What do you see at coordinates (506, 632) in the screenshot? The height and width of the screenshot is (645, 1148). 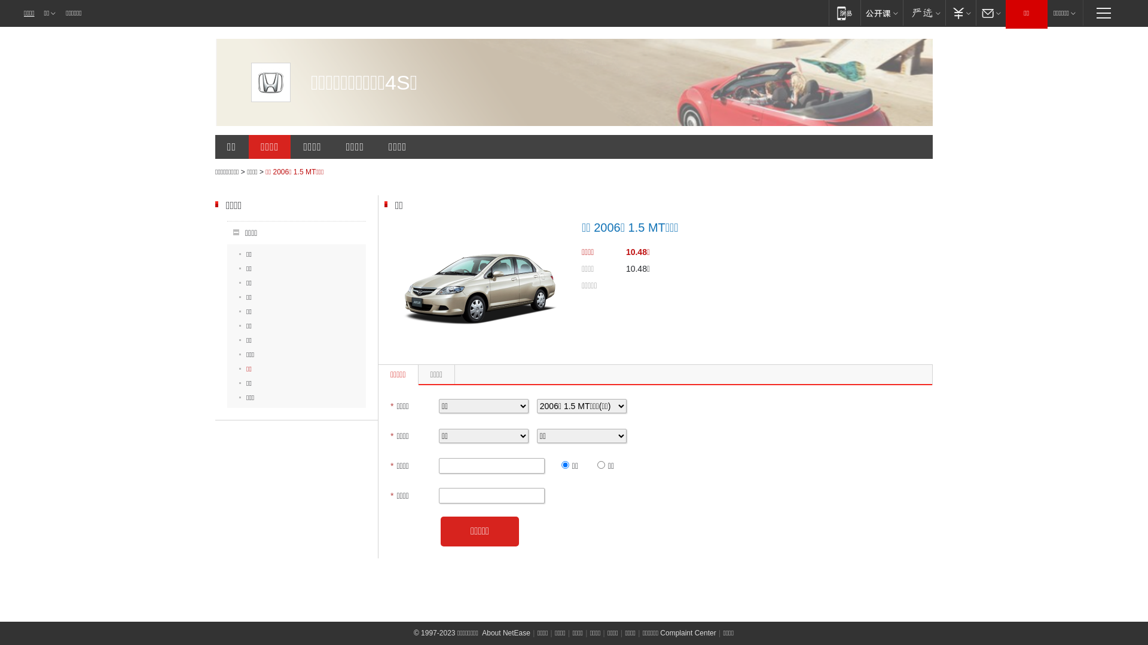 I see `'About NetEase'` at bounding box center [506, 632].